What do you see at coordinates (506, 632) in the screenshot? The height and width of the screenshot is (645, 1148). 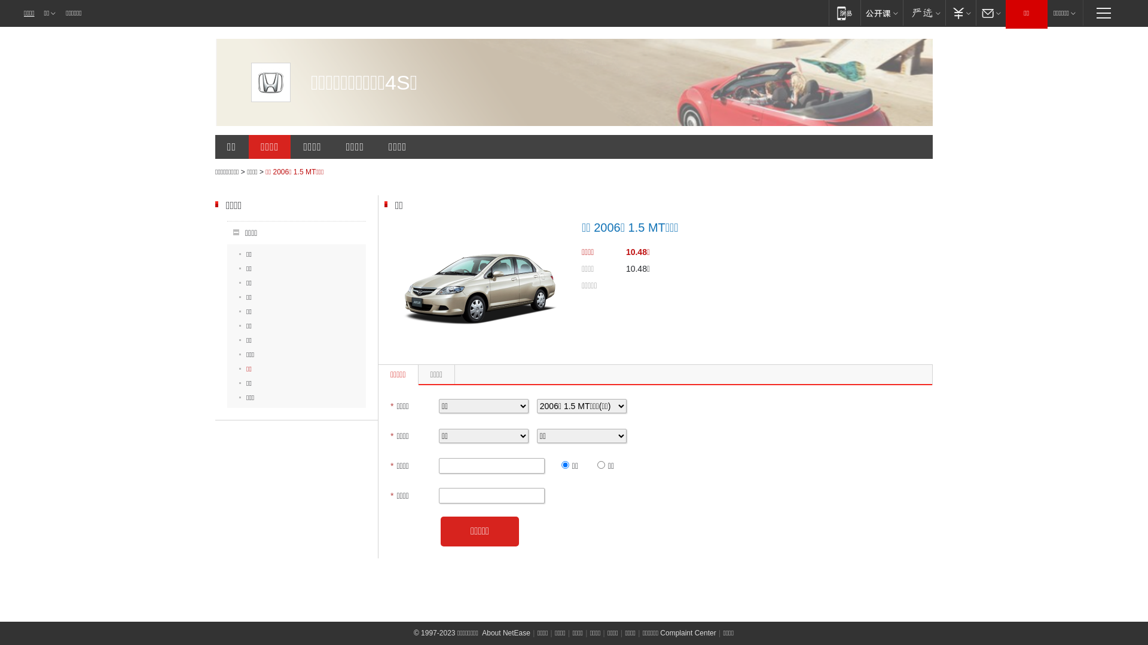 I see `'About NetEase'` at bounding box center [506, 632].